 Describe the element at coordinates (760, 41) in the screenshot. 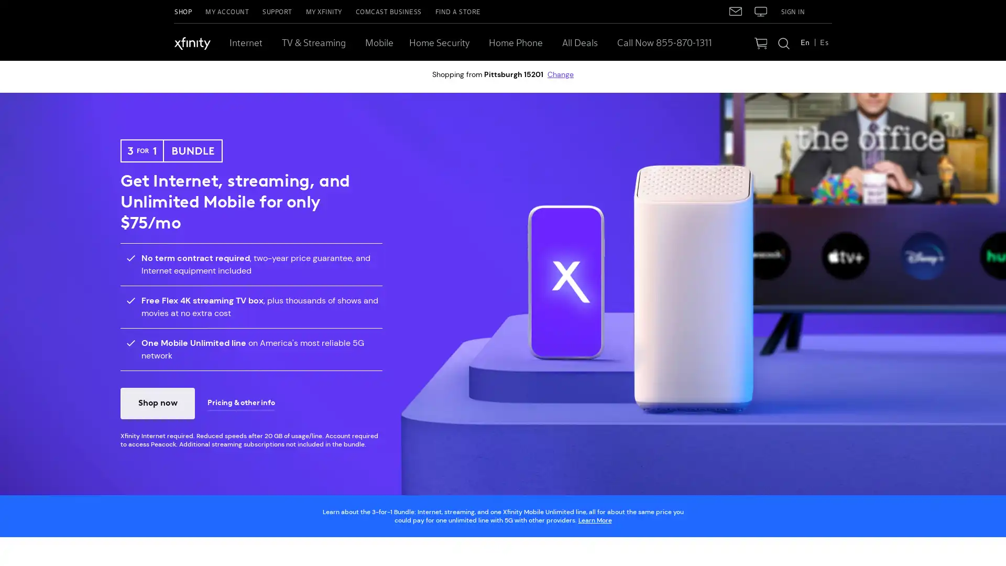

I see `Your Cart` at that location.